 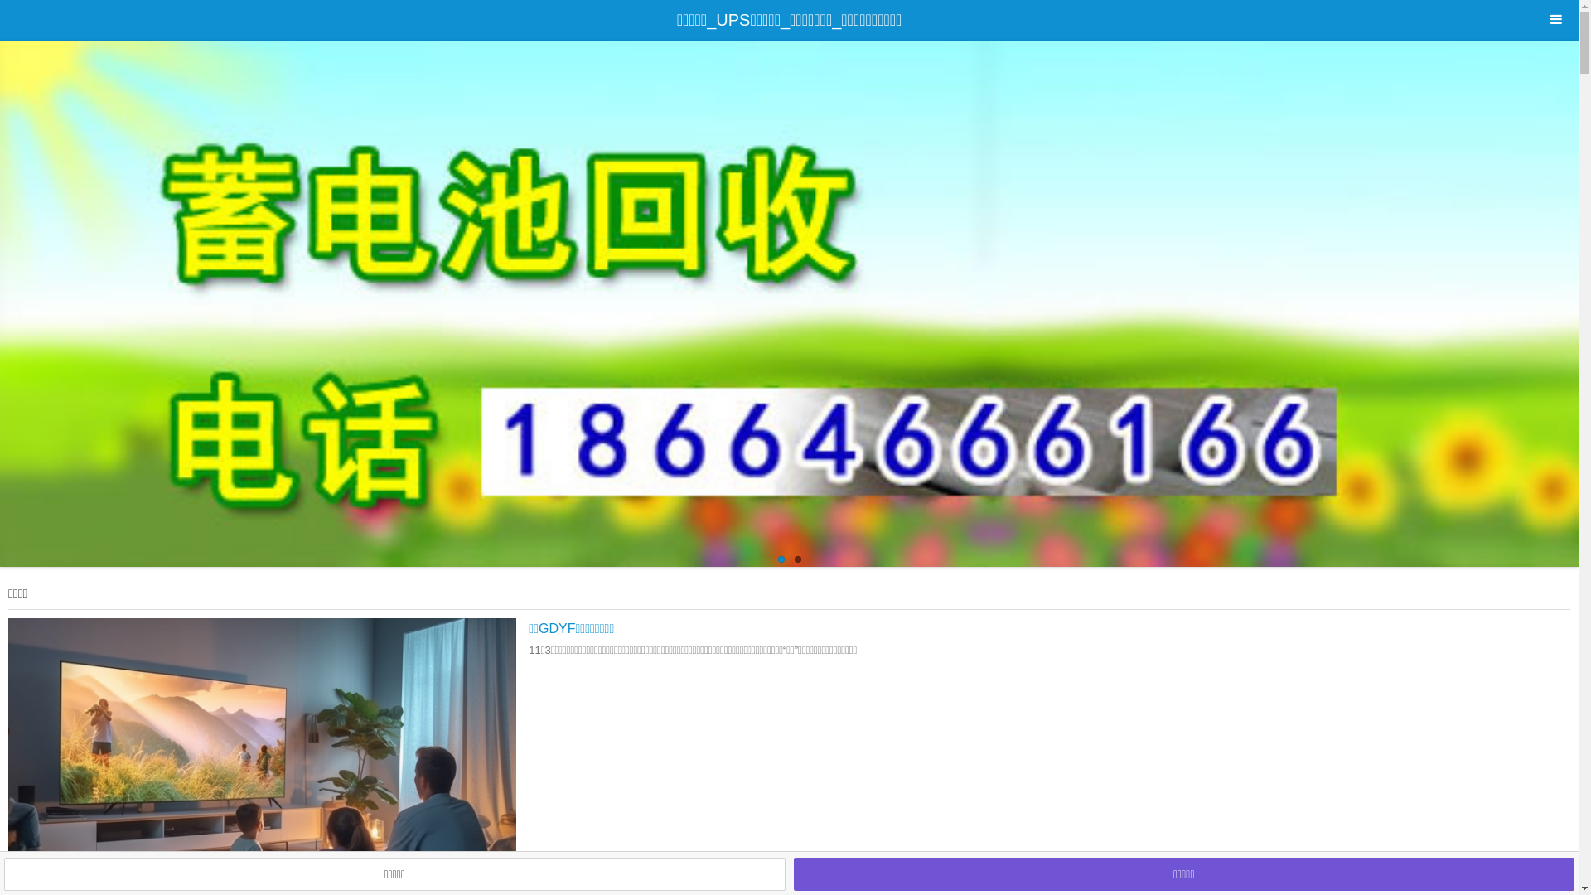 What do you see at coordinates (779, 559) in the screenshot?
I see `'1'` at bounding box center [779, 559].